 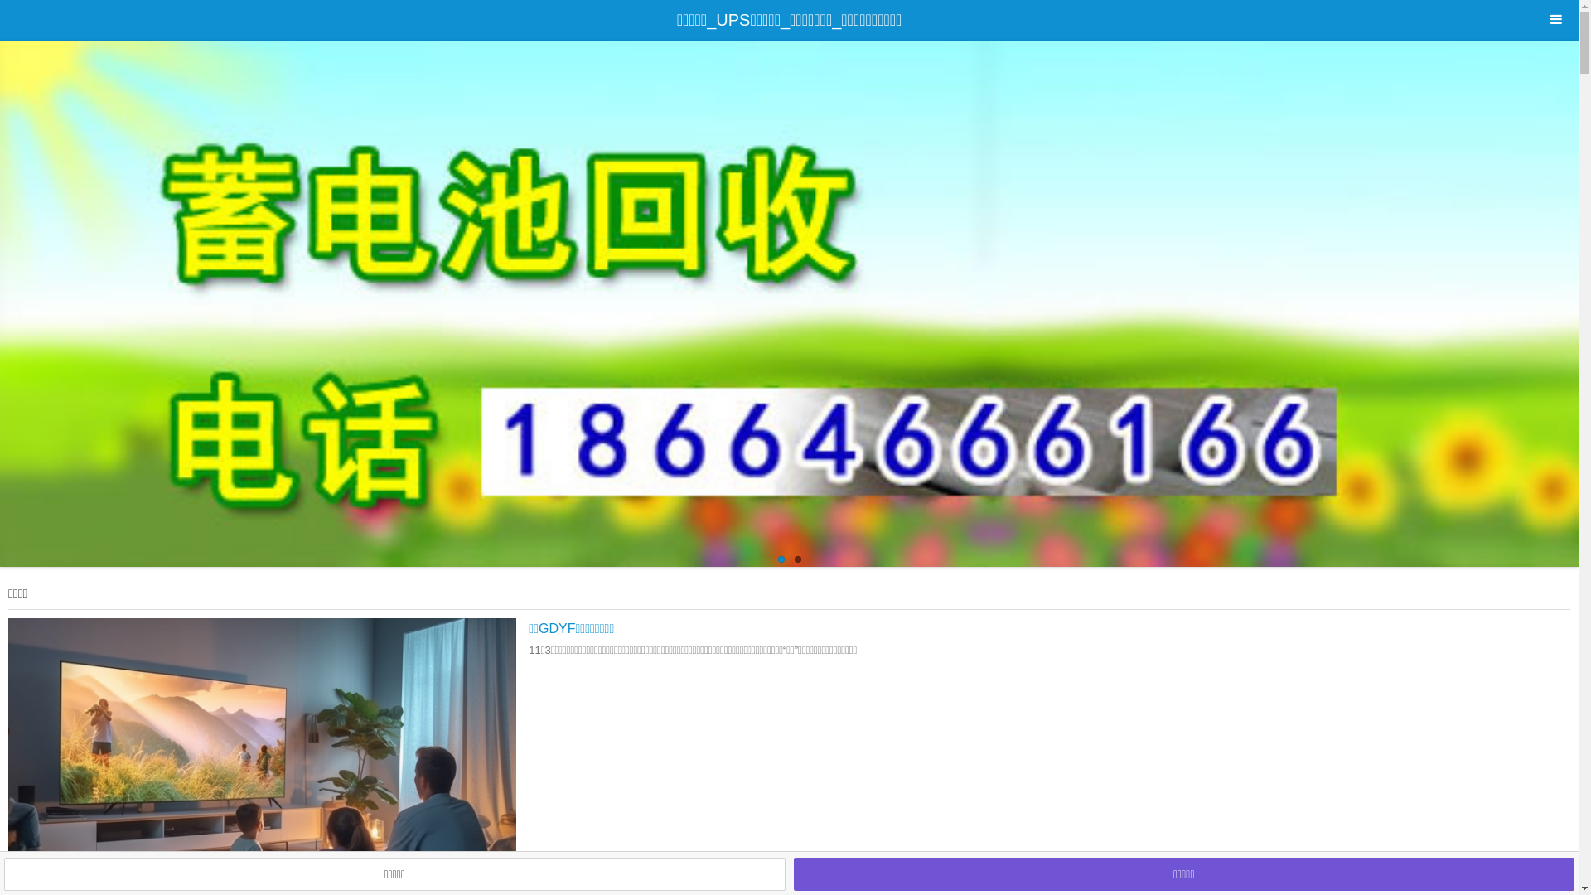 What do you see at coordinates (779, 559) in the screenshot?
I see `'1'` at bounding box center [779, 559].